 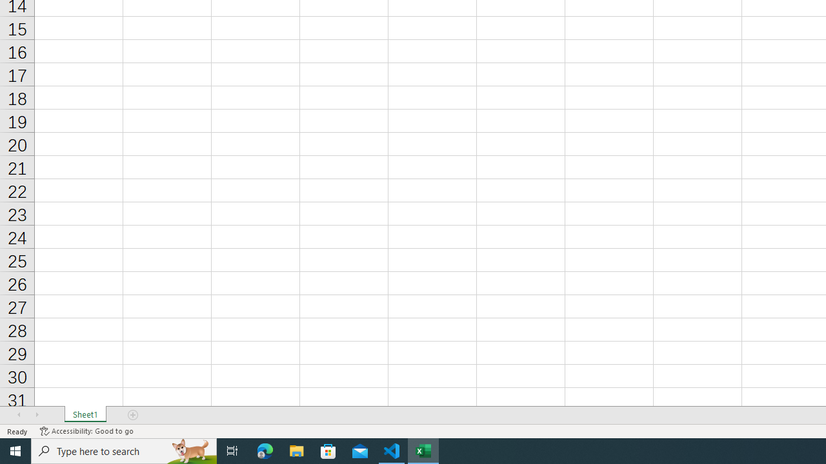 What do you see at coordinates (37, 415) in the screenshot?
I see `'Scroll Right'` at bounding box center [37, 415].